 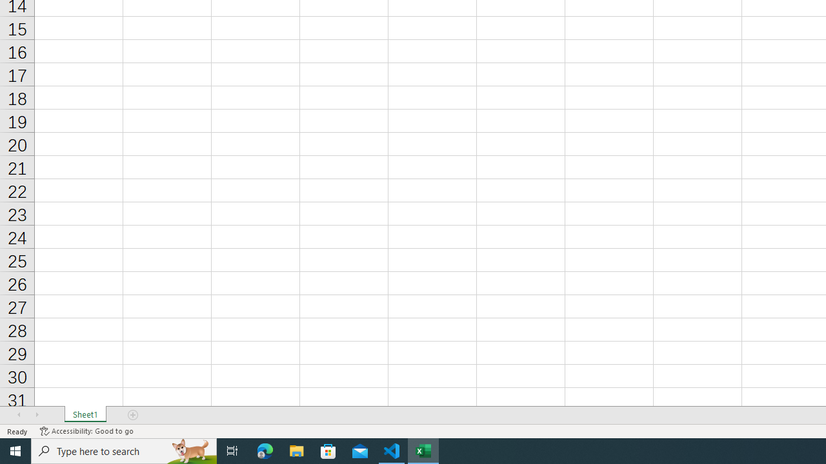 What do you see at coordinates (37, 415) in the screenshot?
I see `'Scroll Right'` at bounding box center [37, 415].